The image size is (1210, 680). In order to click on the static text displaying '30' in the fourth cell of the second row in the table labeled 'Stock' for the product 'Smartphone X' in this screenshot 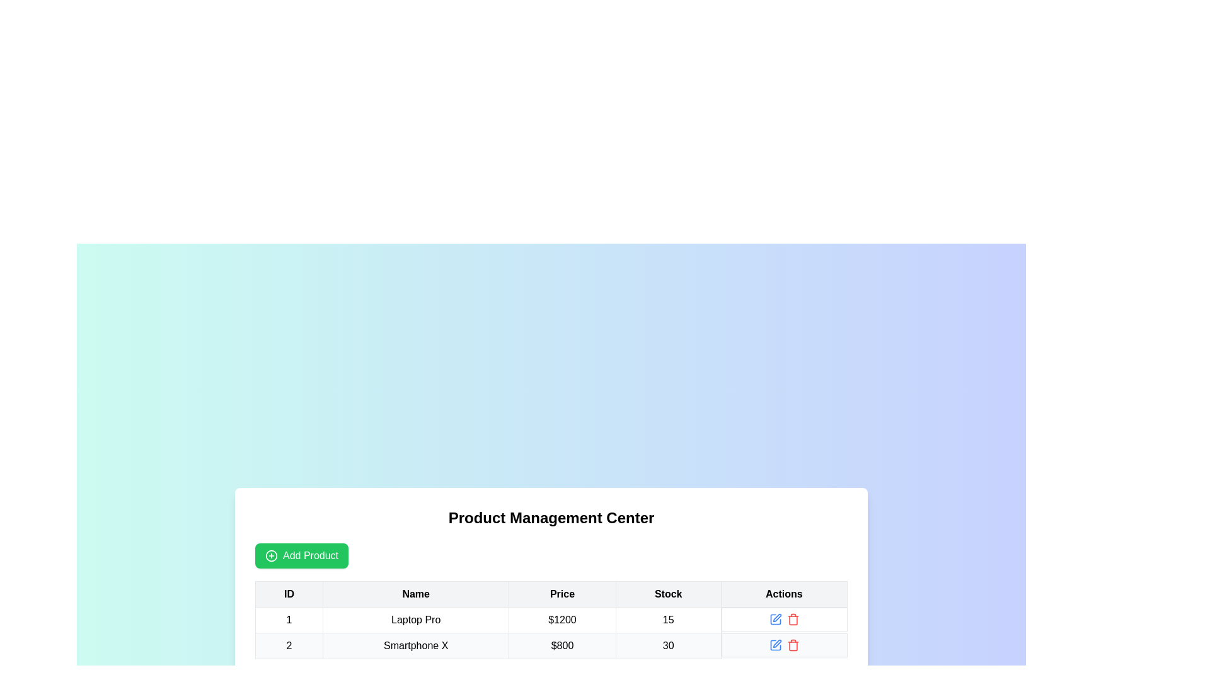, I will do `click(667, 646)`.